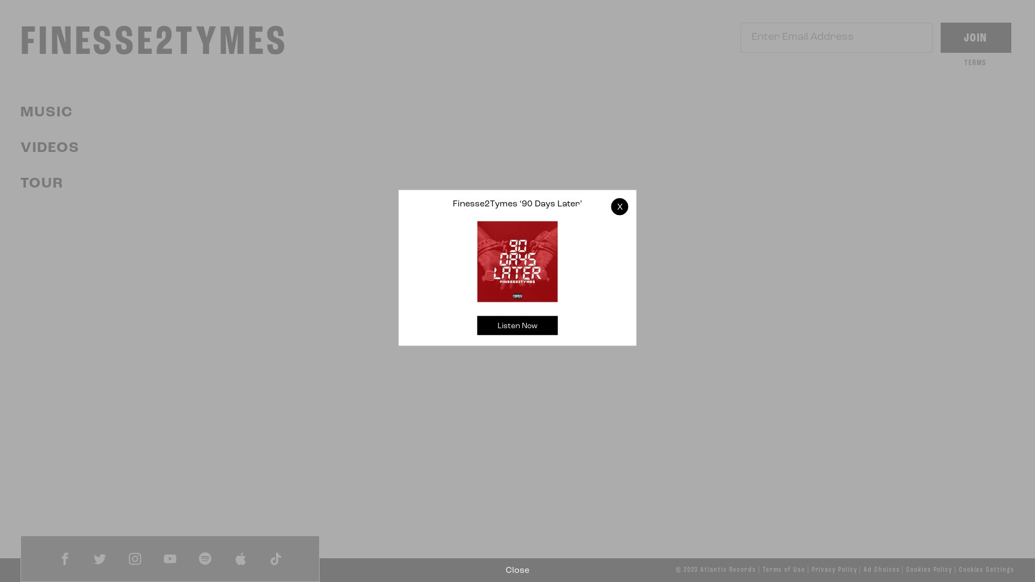 The width and height of the screenshot is (1035, 582). What do you see at coordinates (49, 148) in the screenshot?
I see `'VIDEOS'` at bounding box center [49, 148].